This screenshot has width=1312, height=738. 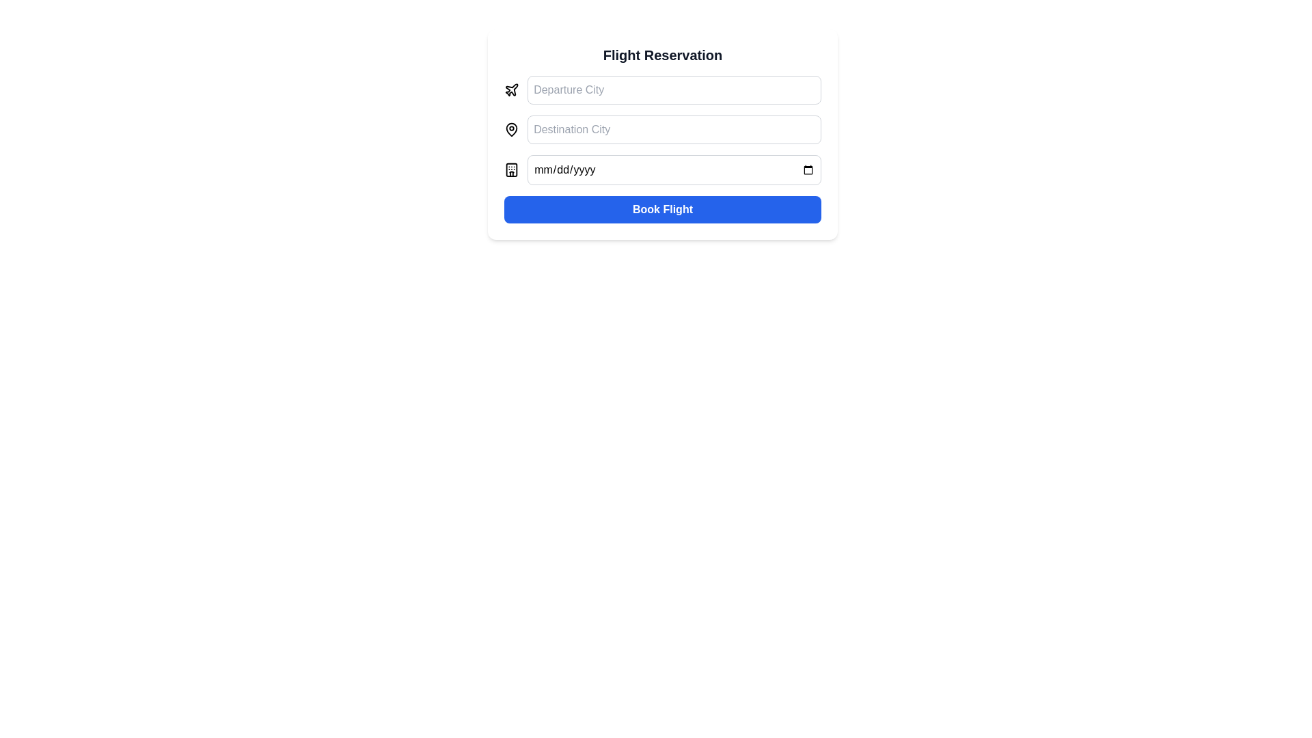 I want to click on the text input field for 'Destination City', so click(x=674, y=129).